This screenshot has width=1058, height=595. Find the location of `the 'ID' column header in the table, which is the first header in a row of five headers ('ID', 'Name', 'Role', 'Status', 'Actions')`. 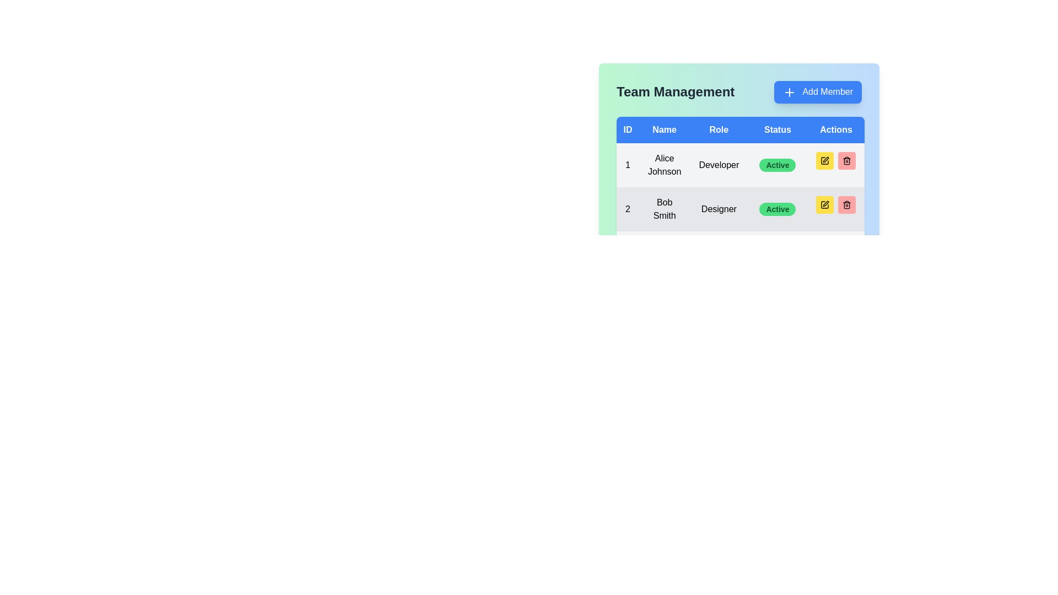

the 'ID' column header in the table, which is the first header in a row of five headers ('ID', 'Name', 'Role', 'Status', 'Actions') is located at coordinates (628, 129).